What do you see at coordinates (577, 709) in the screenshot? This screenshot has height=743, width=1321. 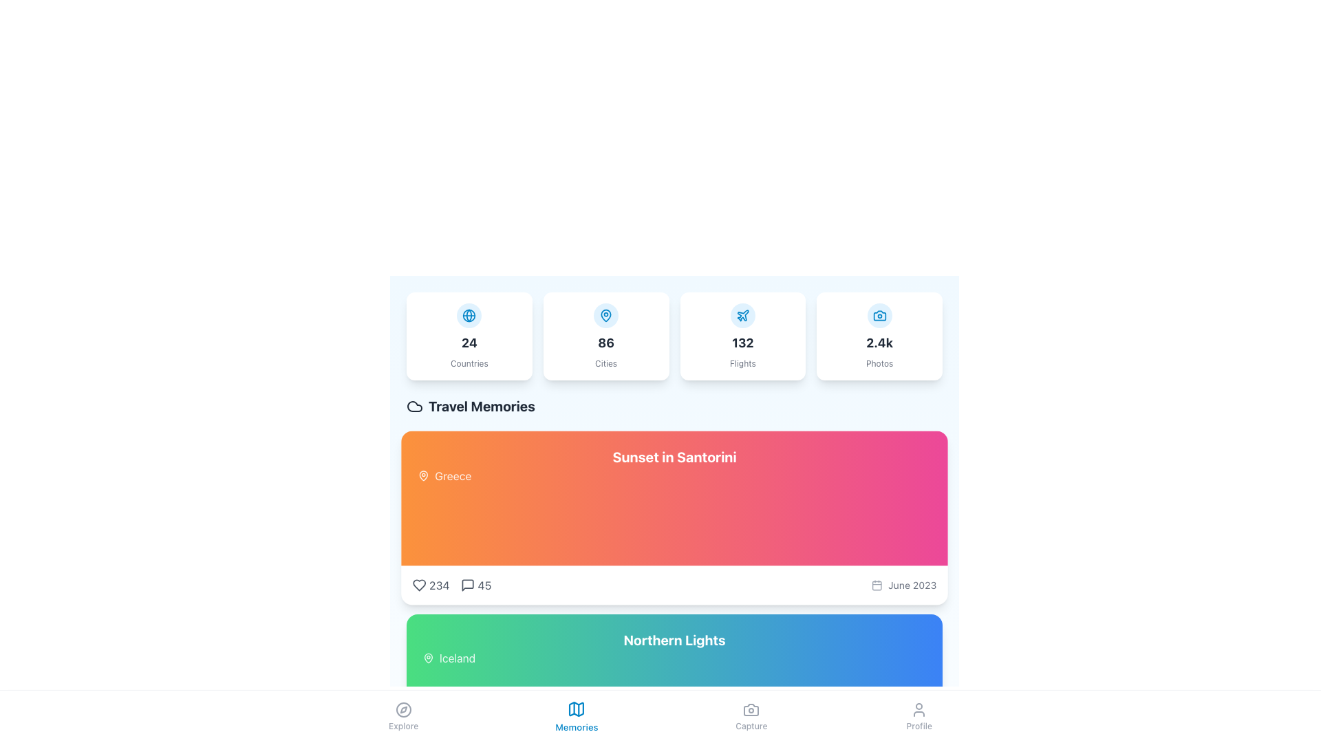 I see `the 'Memories' icon, which symbolizes a map and is located in the center of the bottom navigation bar of the application` at bounding box center [577, 709].